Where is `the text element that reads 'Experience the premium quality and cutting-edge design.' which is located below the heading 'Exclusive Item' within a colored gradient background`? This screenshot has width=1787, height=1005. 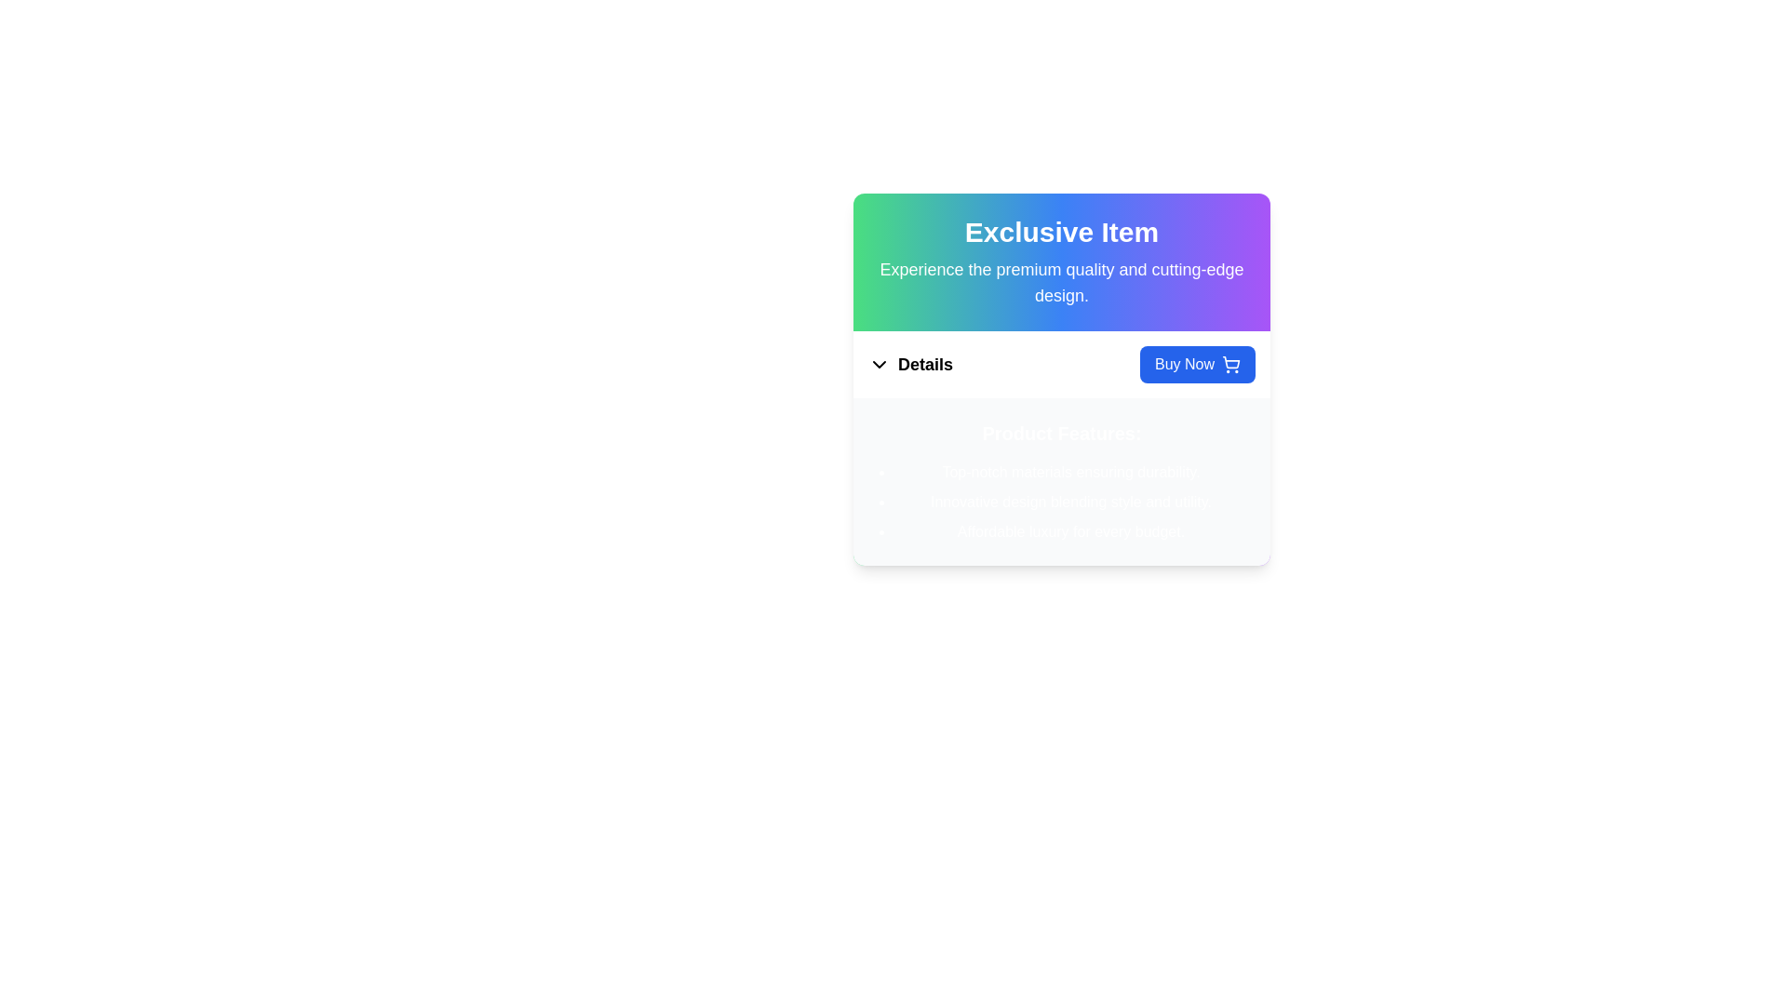 the text element that reads 'Experience the premium quality and cutting-edge design.' which is located below the heading 'Exclusive Item' within a colored gradient background is located at coordinates (1062, 283).